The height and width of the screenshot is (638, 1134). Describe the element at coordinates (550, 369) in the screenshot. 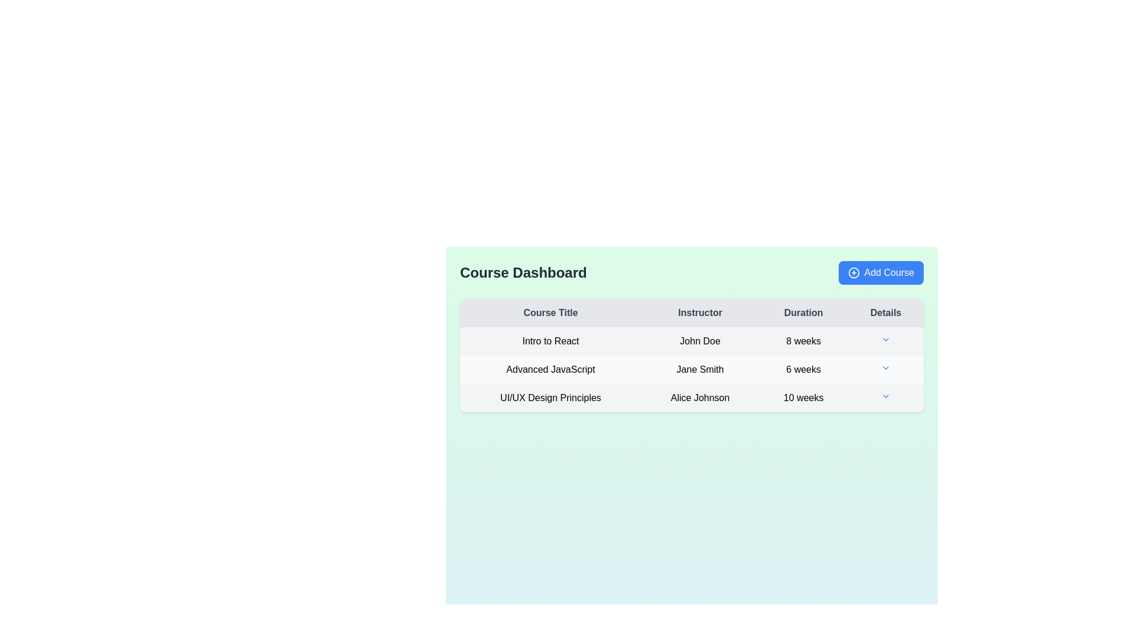

I see `and read the text label for the course titled 'Advanced JavaScript', which is positioned under the 'Course Title' column` at that location.